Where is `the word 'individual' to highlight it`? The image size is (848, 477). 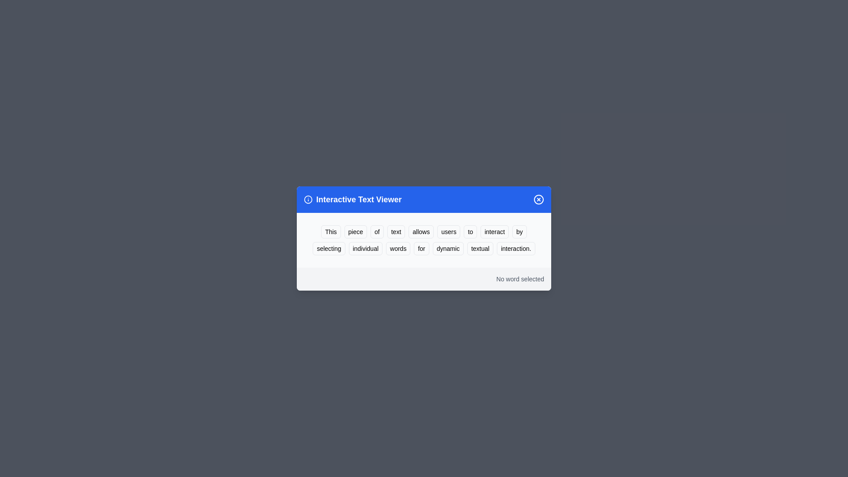 the word 'individual' to highlight it is located at coordinates (365, 249).